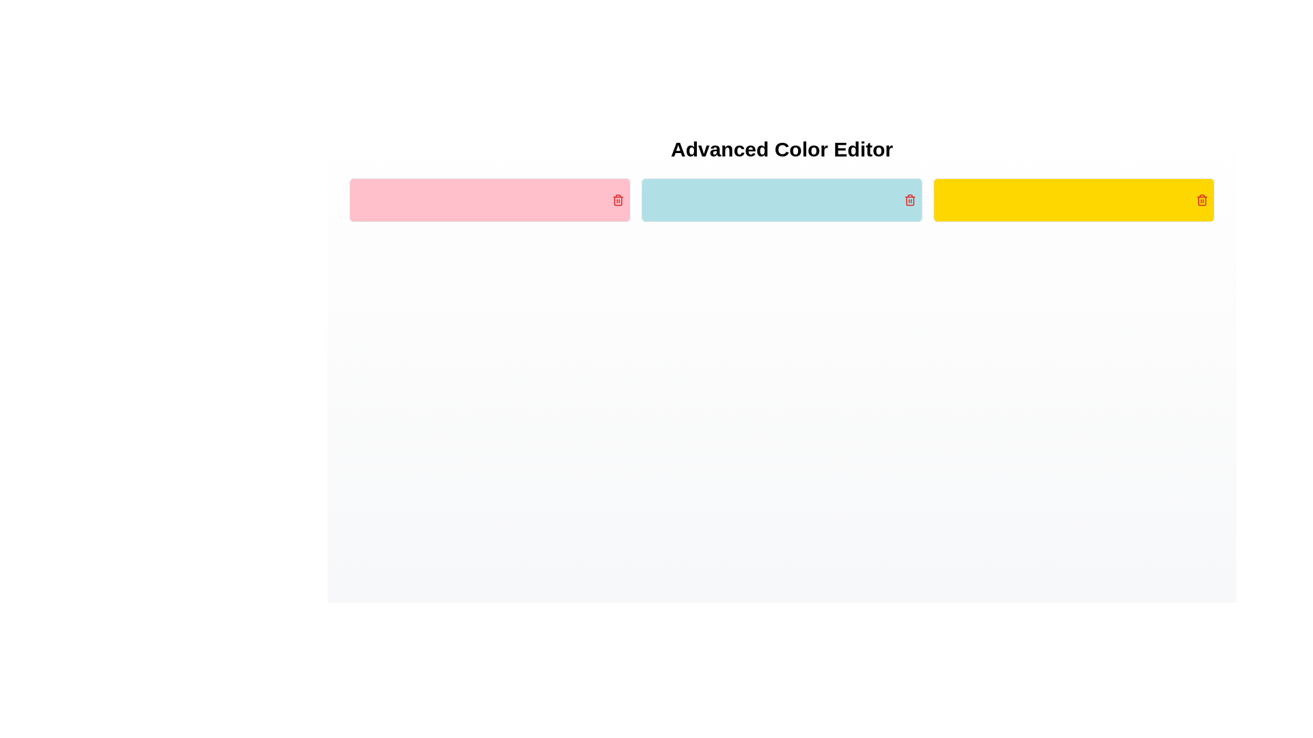 The height and width of the screenshot is (738, 1313). What do you see at coordinates (910, 200) in the screenshot?
I see `the delete button icon located within the light blue area` at bounding box center [910, 200].